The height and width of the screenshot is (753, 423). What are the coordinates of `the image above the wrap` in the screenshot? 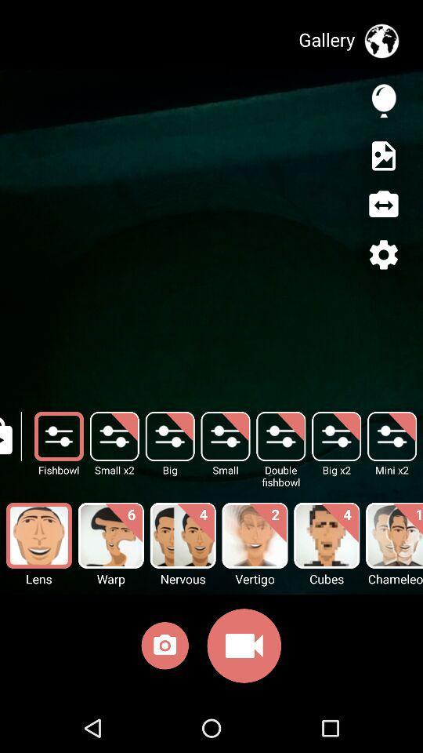 It's located at (110, 536).